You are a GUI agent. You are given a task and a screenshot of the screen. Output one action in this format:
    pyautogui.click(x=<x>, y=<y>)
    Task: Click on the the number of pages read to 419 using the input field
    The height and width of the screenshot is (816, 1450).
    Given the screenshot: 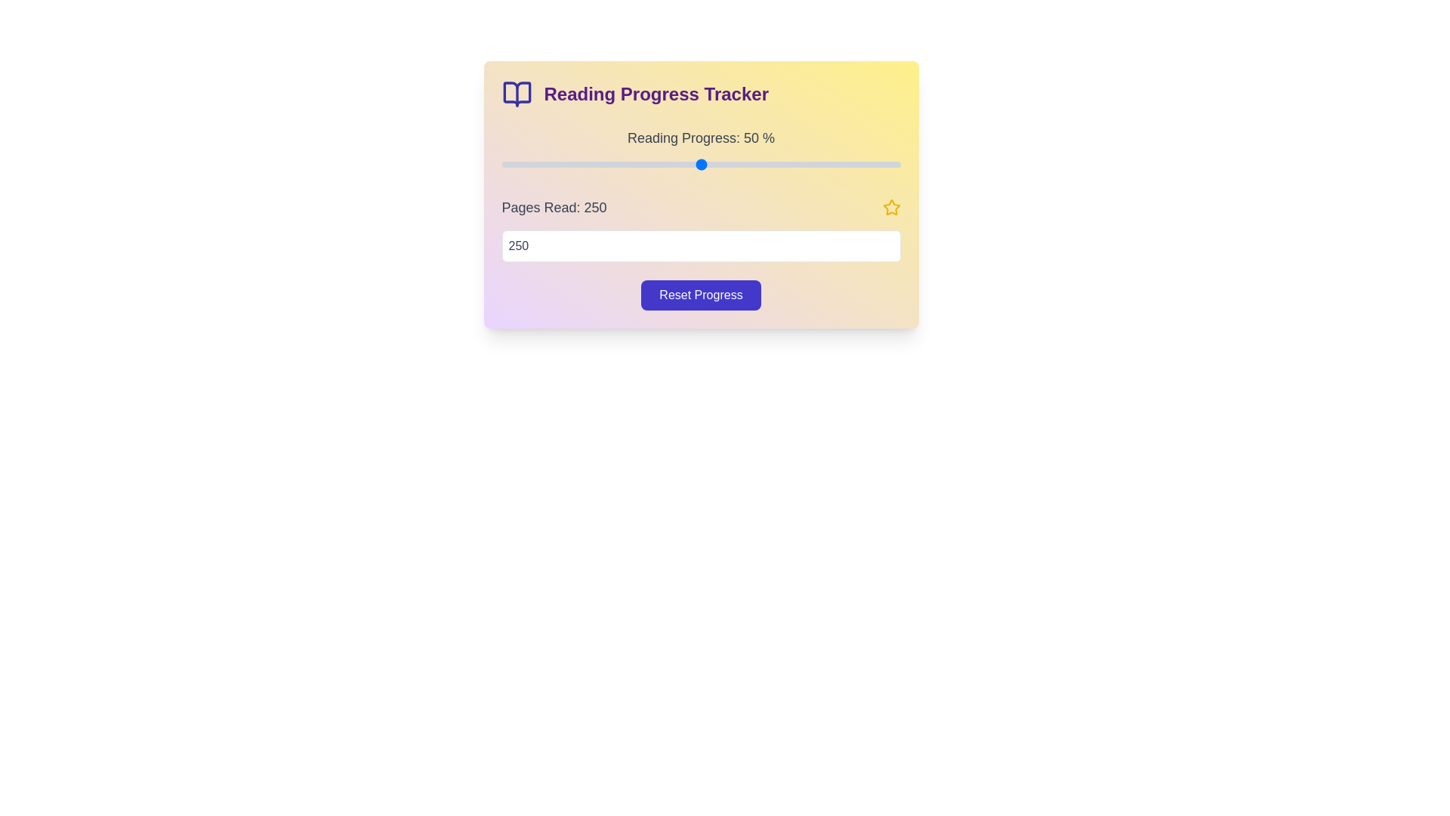 What is the action you would take?
    pyautogui.click(x=700, y=246)
    